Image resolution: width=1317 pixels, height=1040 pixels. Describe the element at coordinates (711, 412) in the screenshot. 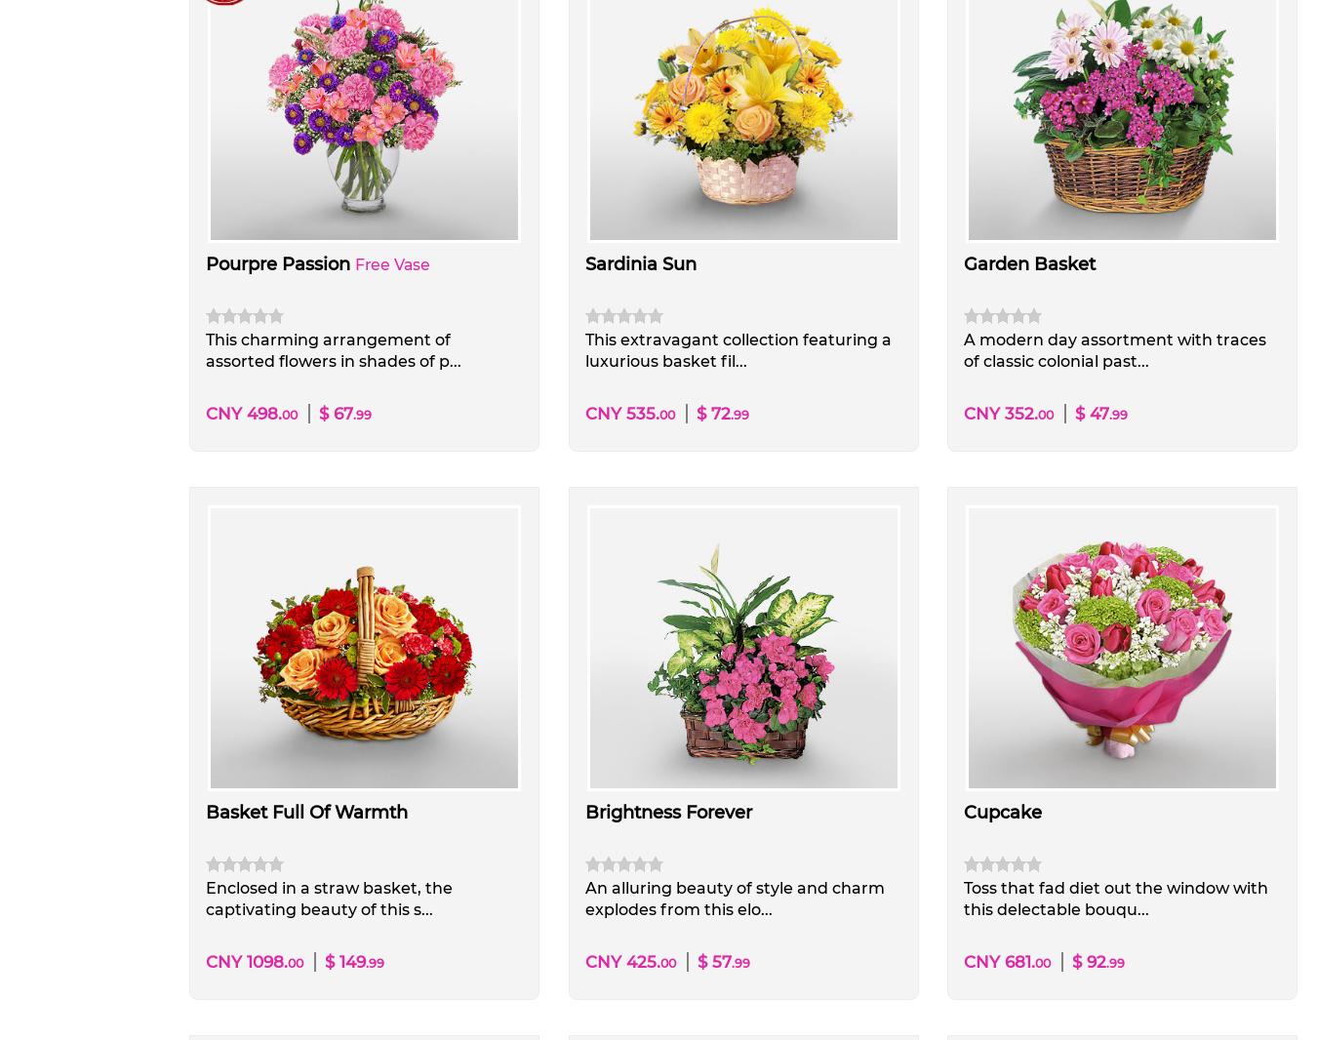

I see `'$ 72'` at that location.